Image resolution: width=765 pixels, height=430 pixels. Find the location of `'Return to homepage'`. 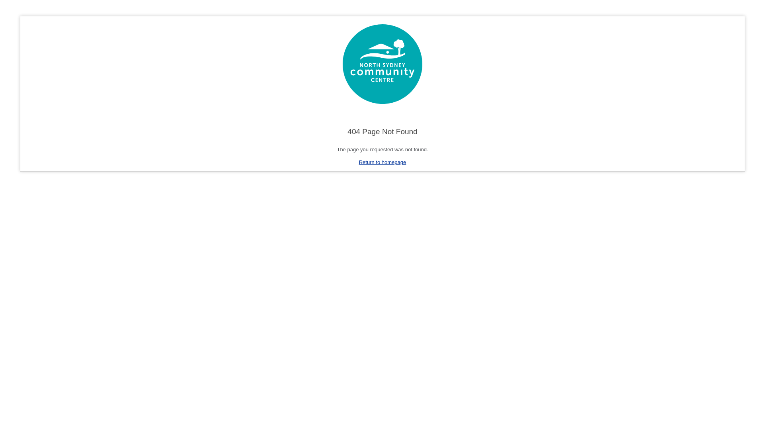

'Return to homepage' is located at coordinates (382, 162).